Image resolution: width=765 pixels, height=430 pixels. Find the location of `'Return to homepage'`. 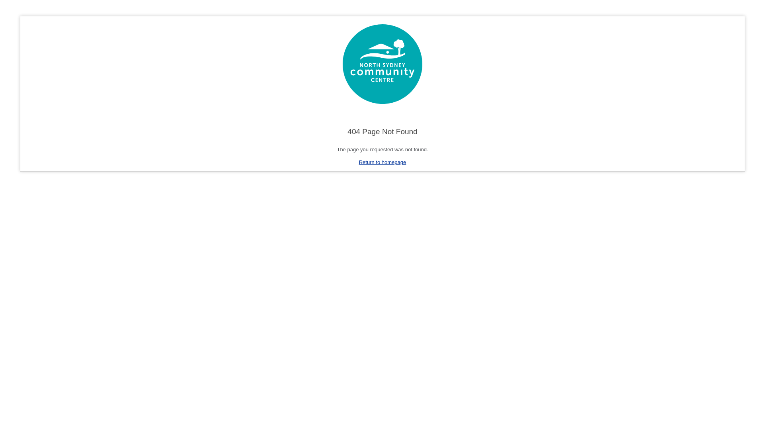

'Return to homepage' is located at coordinates (382, 162).